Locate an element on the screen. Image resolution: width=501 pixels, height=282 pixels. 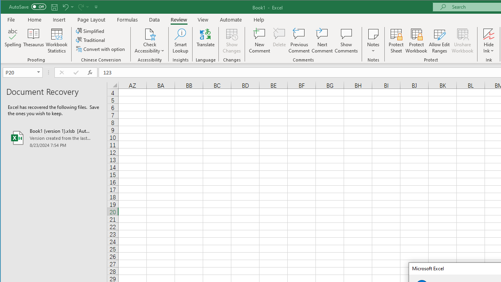
'New Comment' is located at coordinates (260, 41).